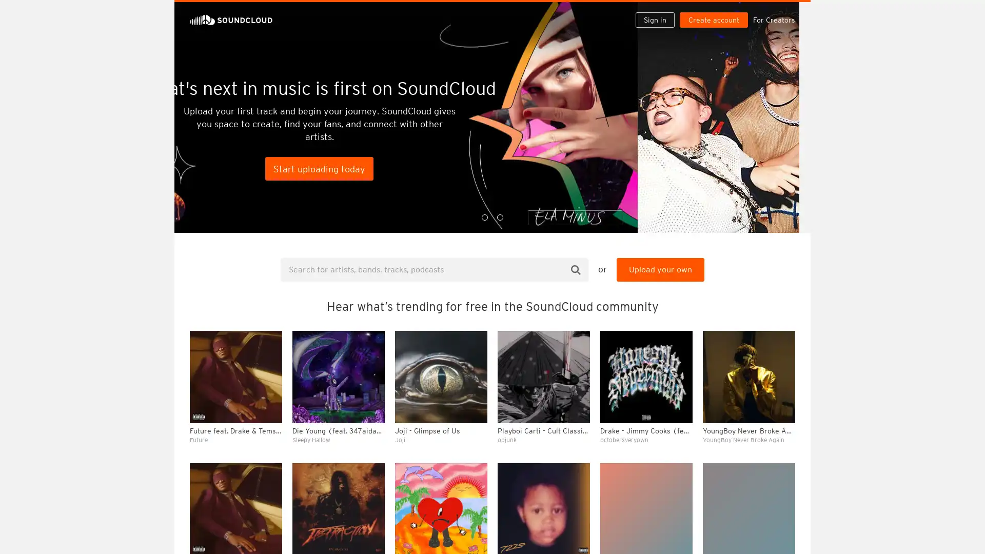 The image size is (985, 554). I want to click on Sign in, so click(654, 19).